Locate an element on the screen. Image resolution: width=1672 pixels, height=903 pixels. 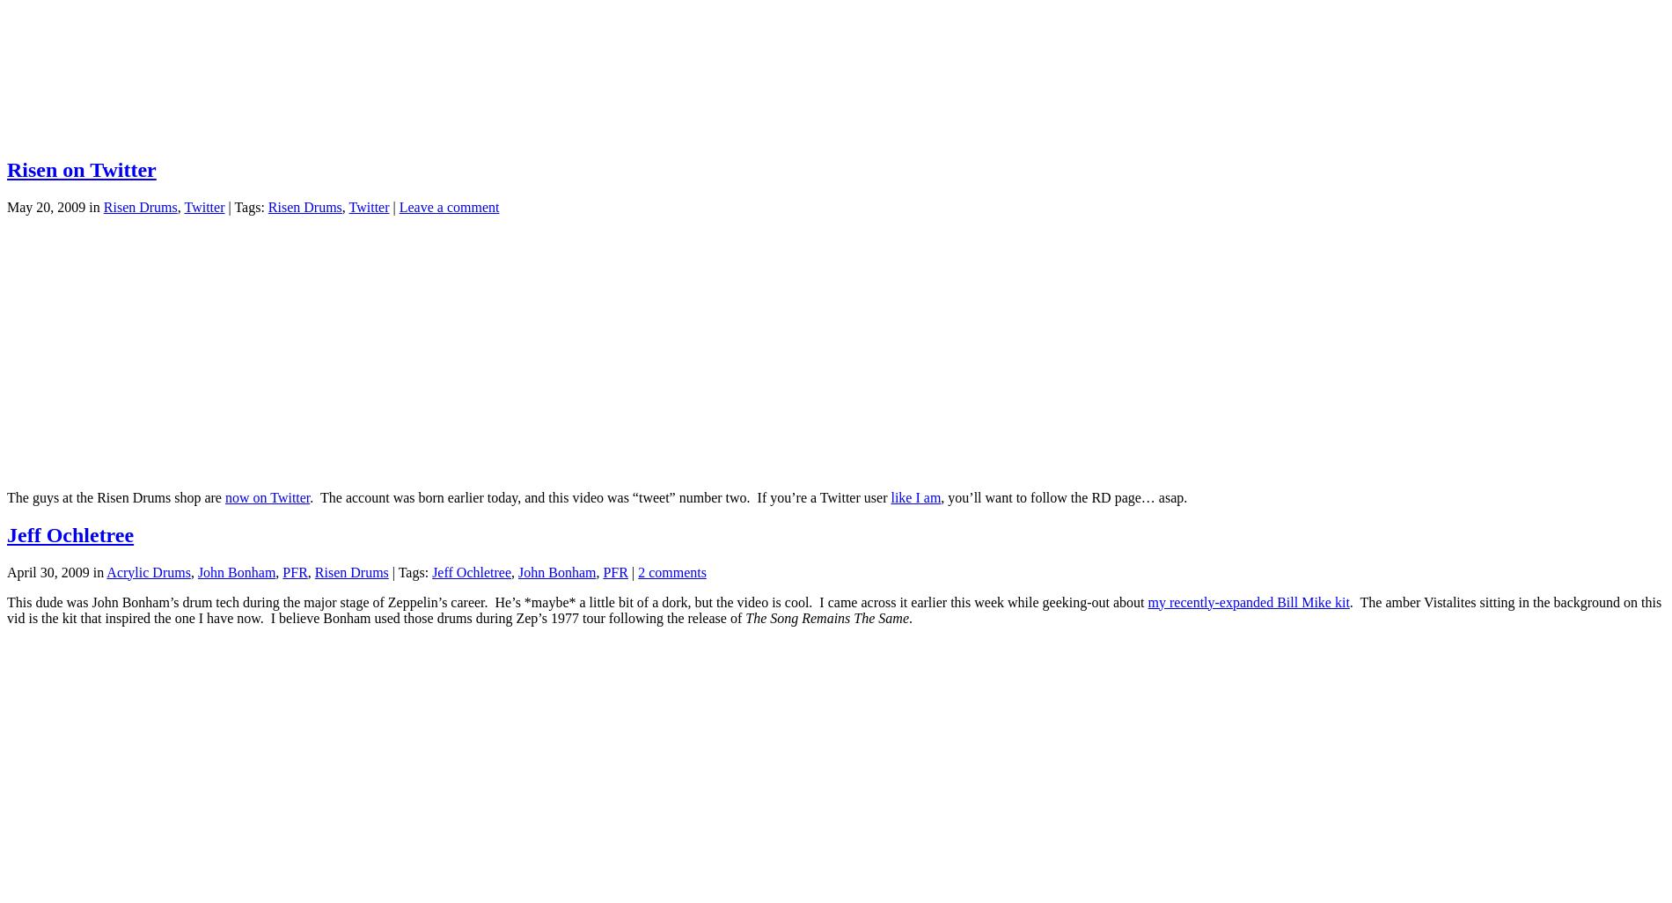
'.  The account was born earlier today, and this video was “tweet” number two.  If you’re a Twitter user' is located at coordinates (599, 496).